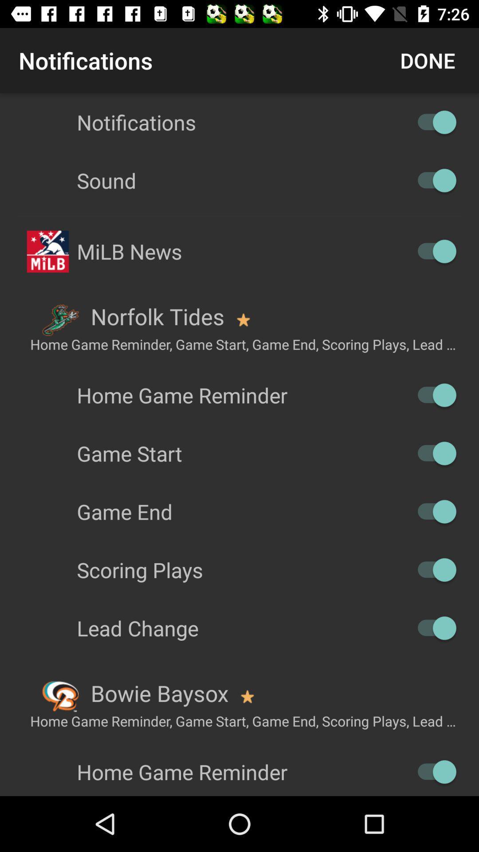 Image resolution: width=479 pixels, height=852 pixels. I want to click on the item next to the notifications app, so click(427, 60).